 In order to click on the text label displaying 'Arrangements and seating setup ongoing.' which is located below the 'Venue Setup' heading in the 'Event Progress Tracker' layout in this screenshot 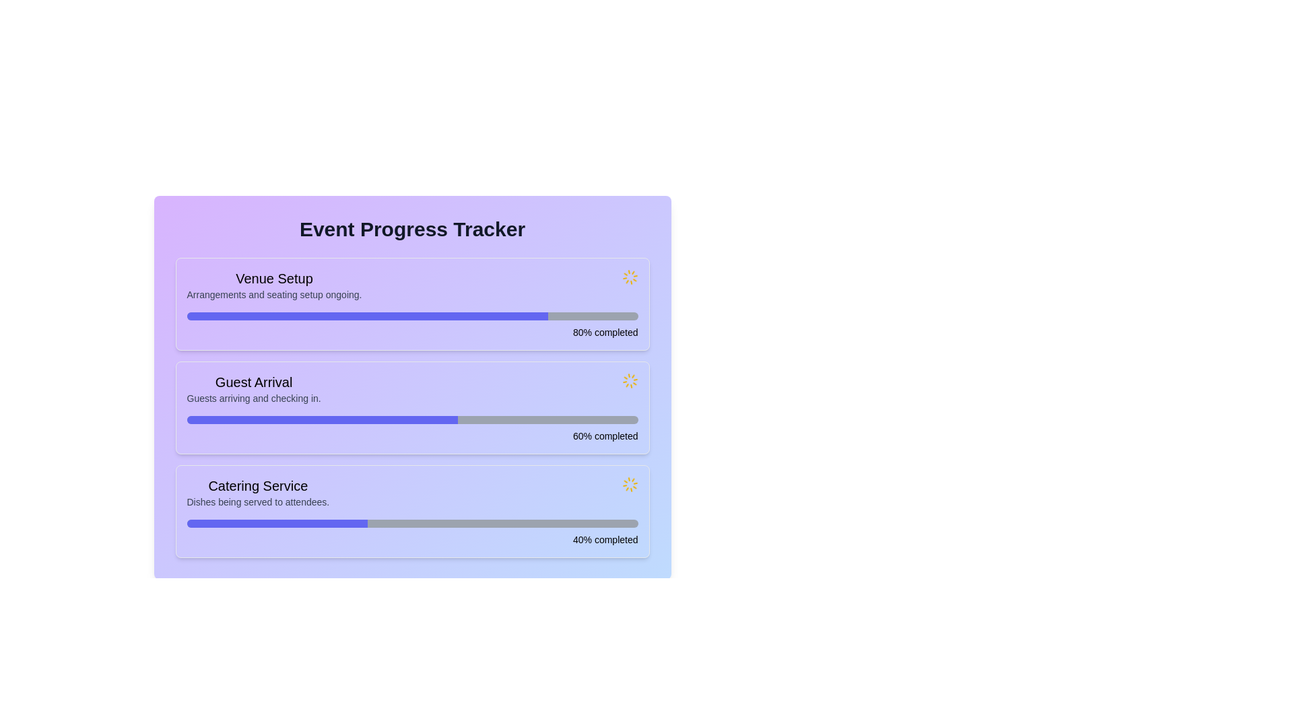, I will do `click(273, 294)`.